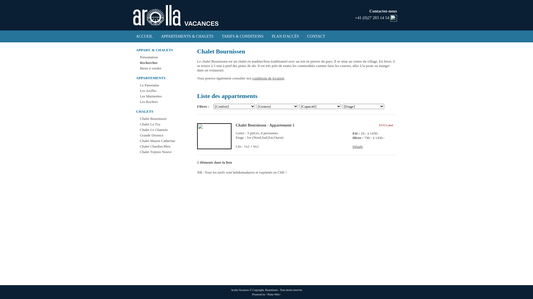  I want to click on 'Les Arolles', so click(148, 90).